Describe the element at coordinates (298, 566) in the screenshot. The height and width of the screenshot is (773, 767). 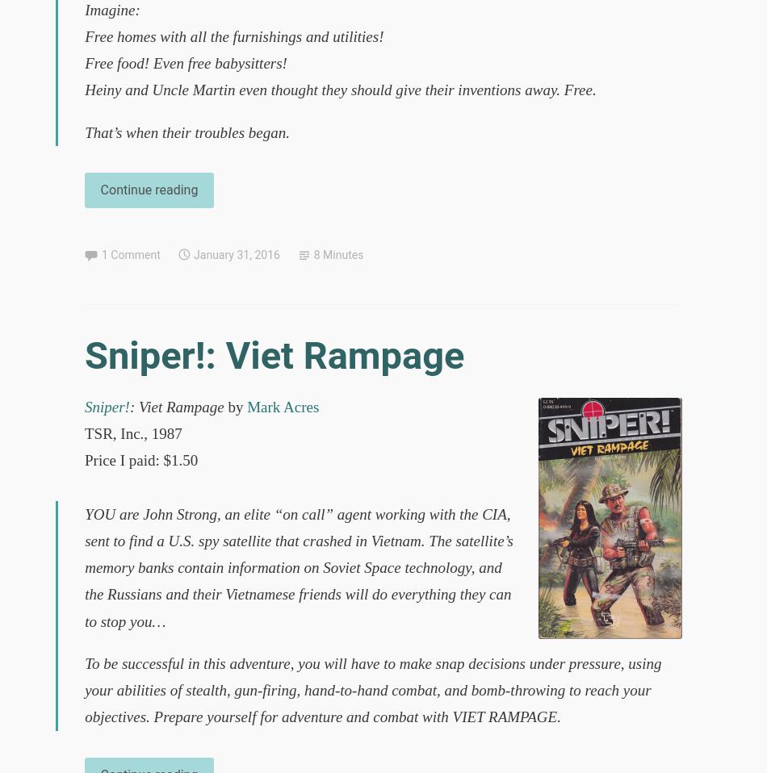
I see `'YOU are John Strong, an elite “on call” agent working with the CIA, sent to find a U.S. spy satellite that crashed in Vietnam. The satellite’s memory banks contain information on Soviet Space technology, and the Russians and their Vietnamese friends will do everything they can to stop you…'` at that location.